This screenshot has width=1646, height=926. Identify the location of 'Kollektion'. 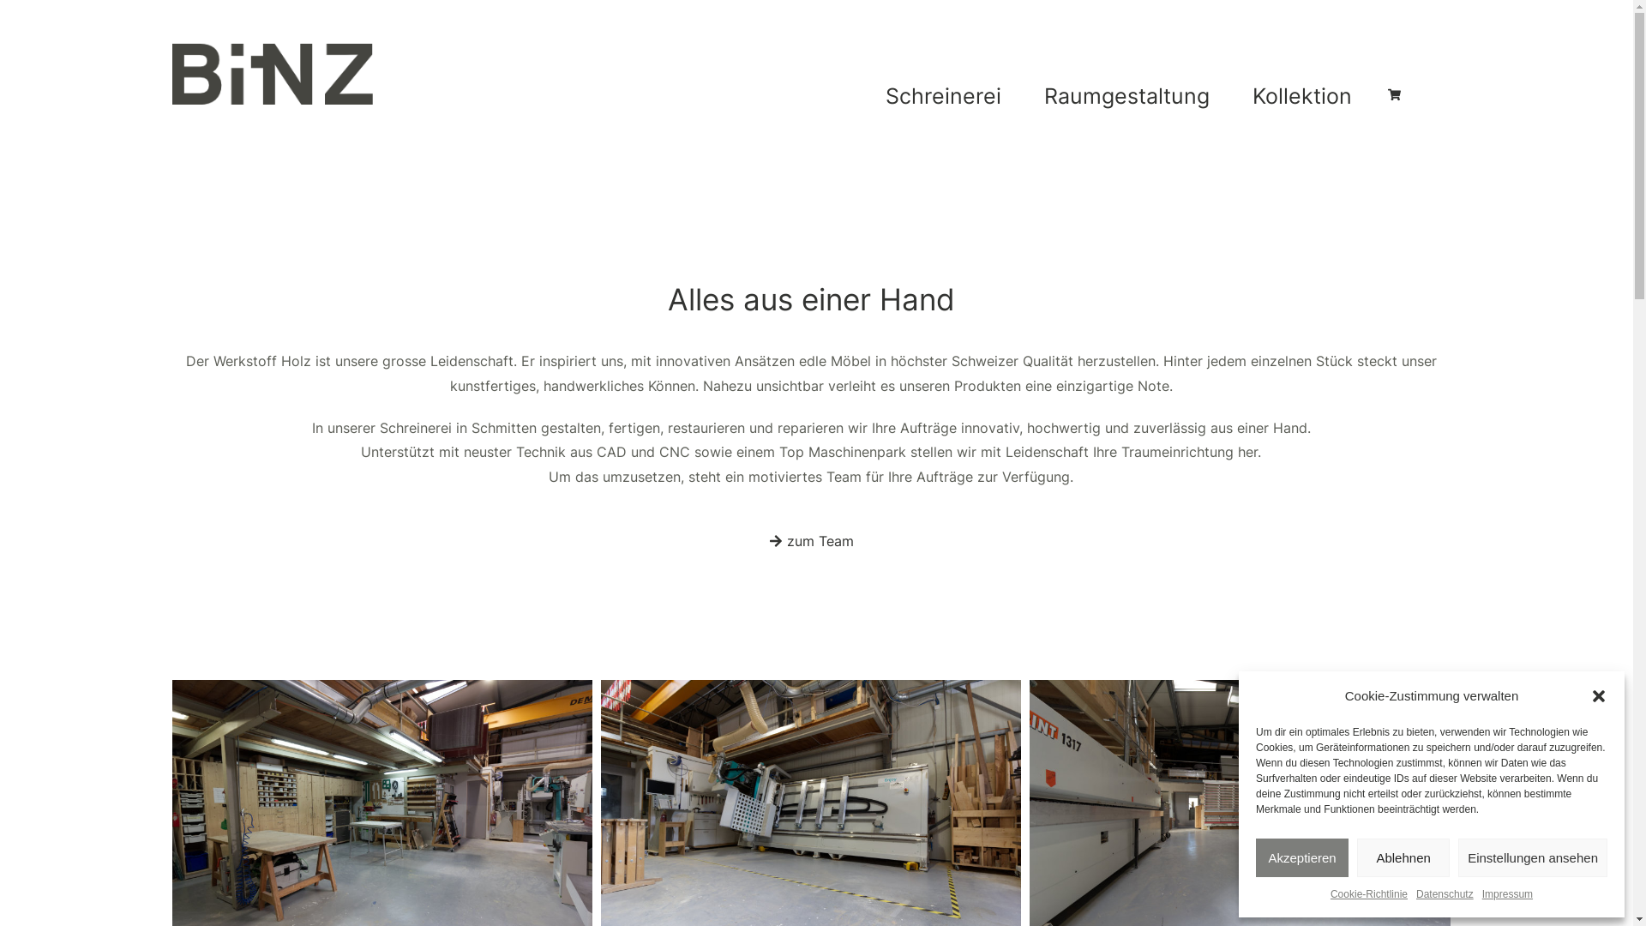
(1305, 95).